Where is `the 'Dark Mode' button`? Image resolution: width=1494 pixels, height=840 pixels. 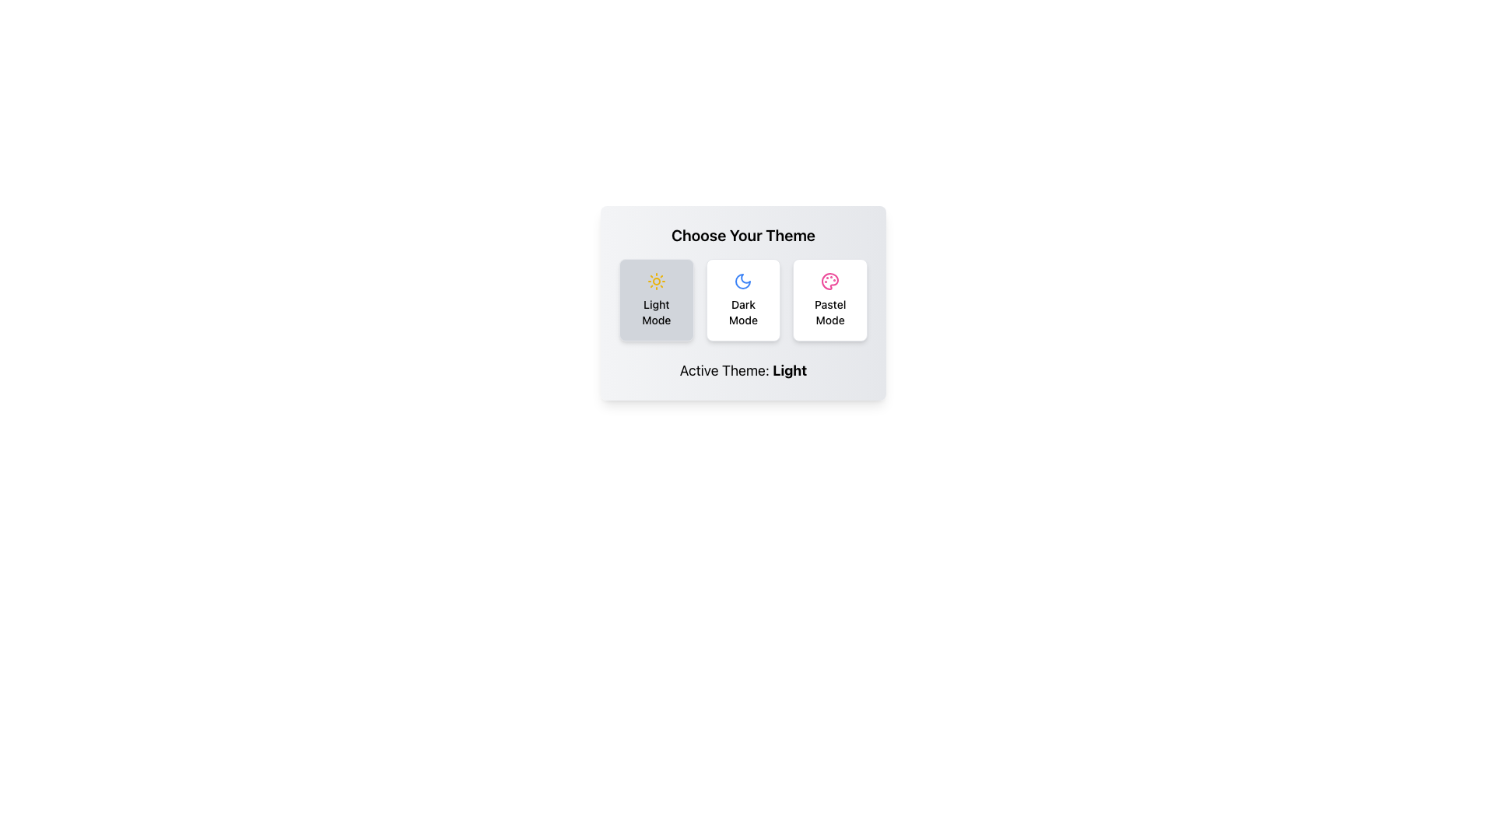
the 'Dark Mode' button is located at coordinates (742, 299).